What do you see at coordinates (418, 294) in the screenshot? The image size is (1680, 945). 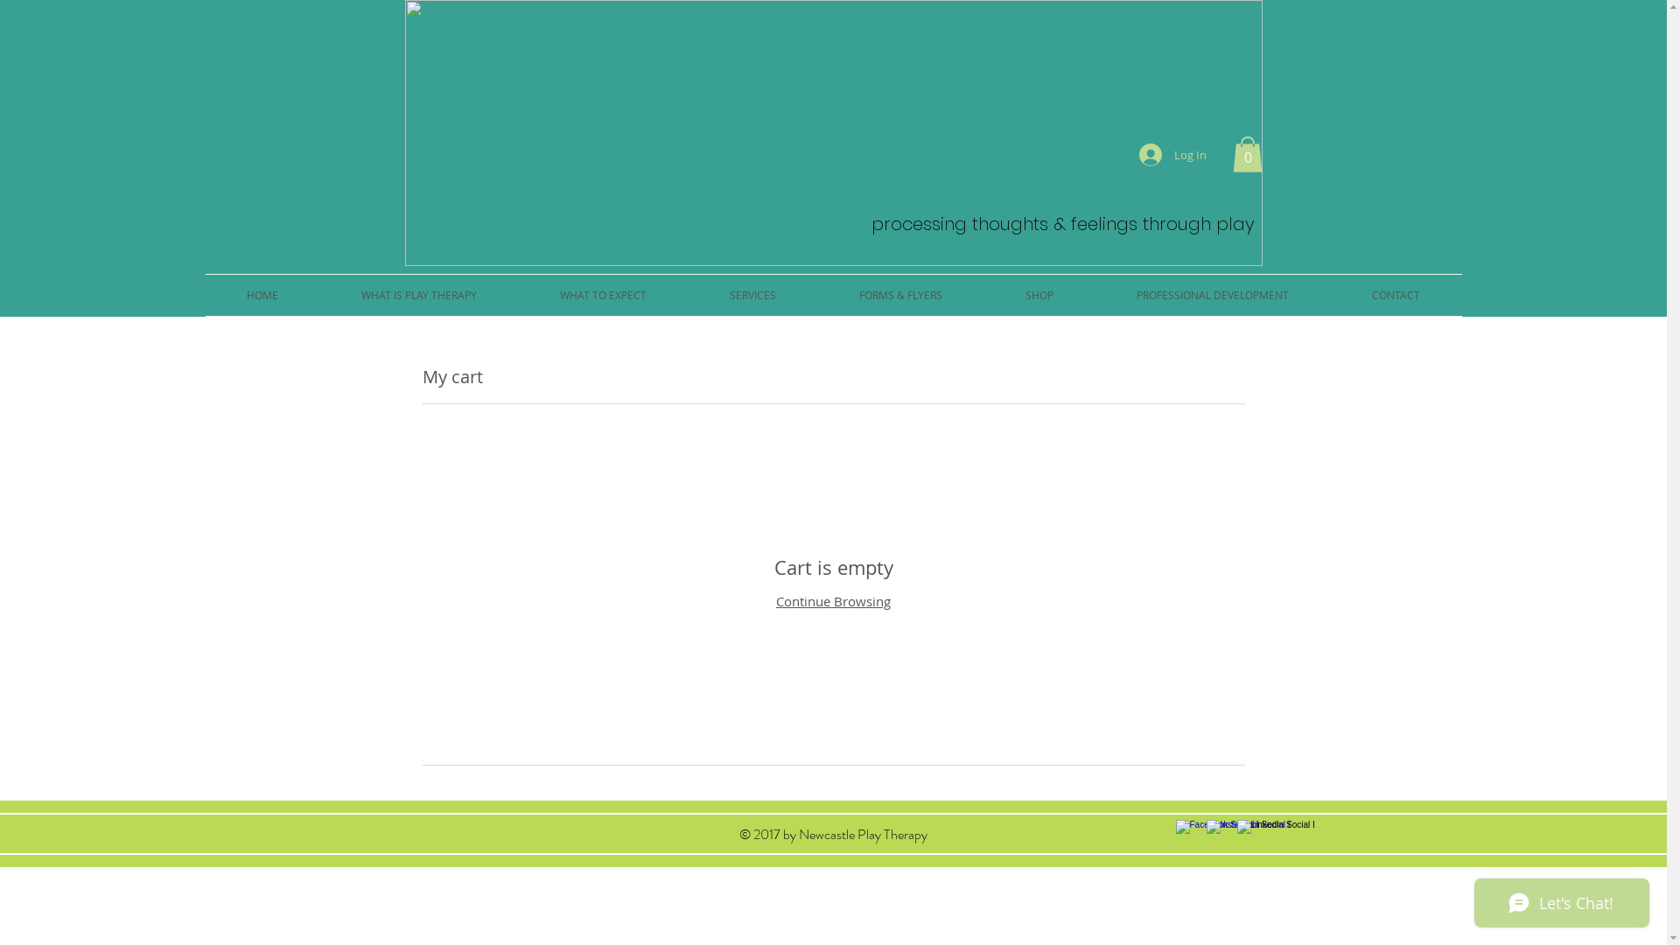 I see `'WHAT IS PLAY THERAPY'` at bounding box center [418, 294].